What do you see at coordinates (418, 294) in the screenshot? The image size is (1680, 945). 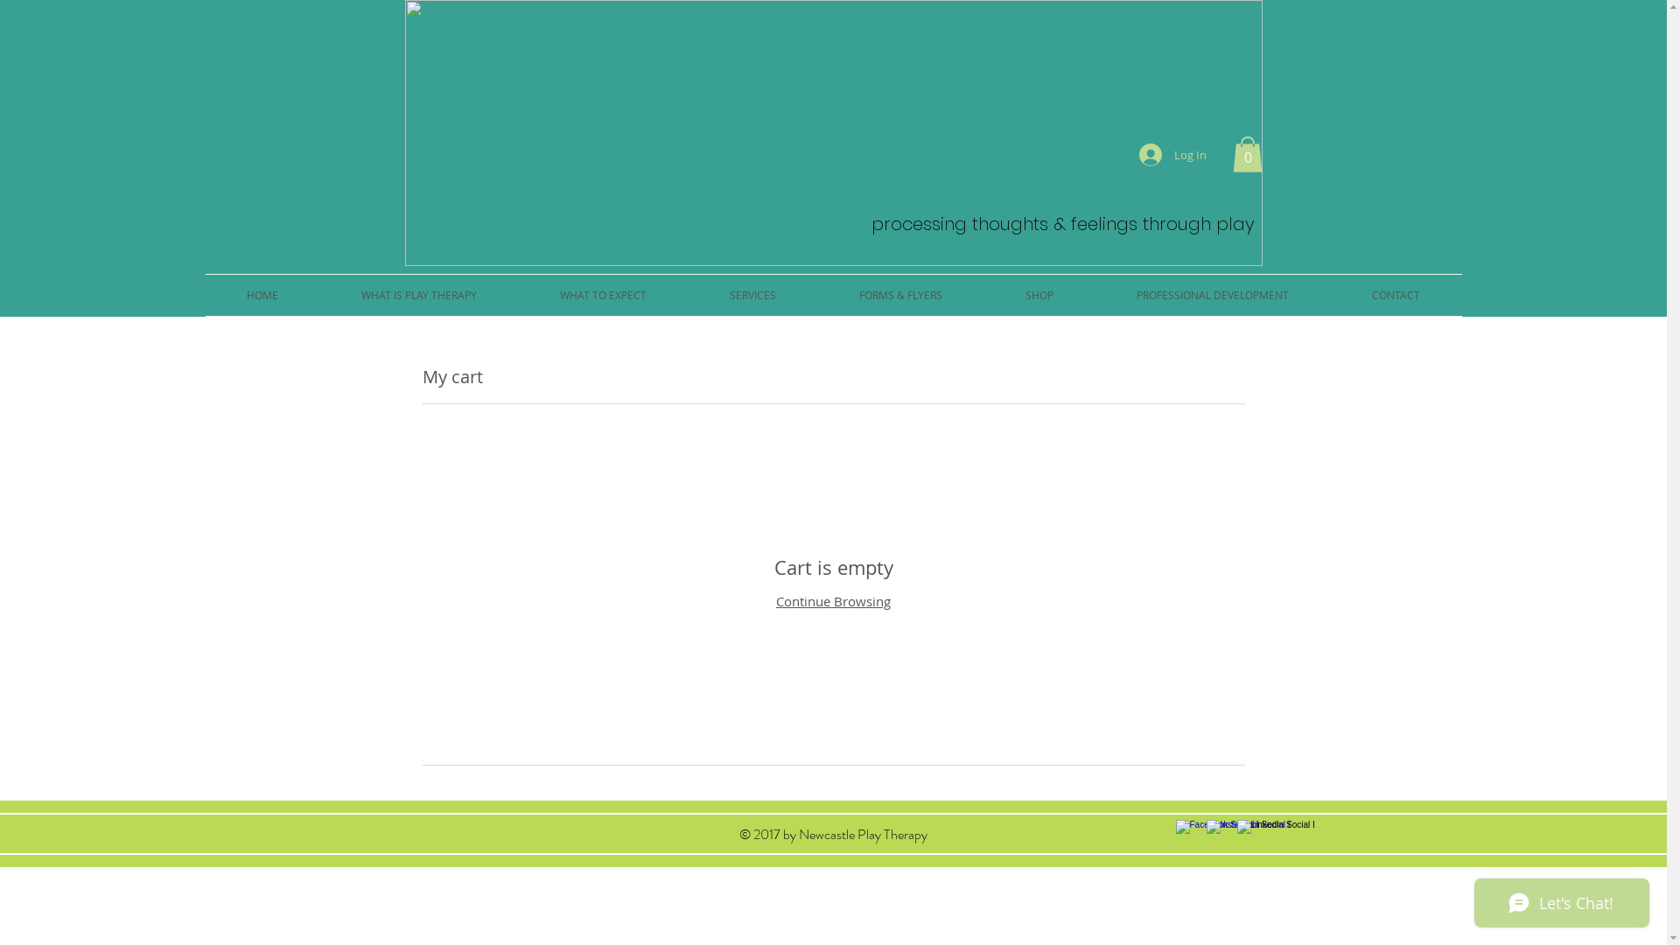 I see `'WHAT IS PLAY THERAPY'` at bounding box center [418, 294].